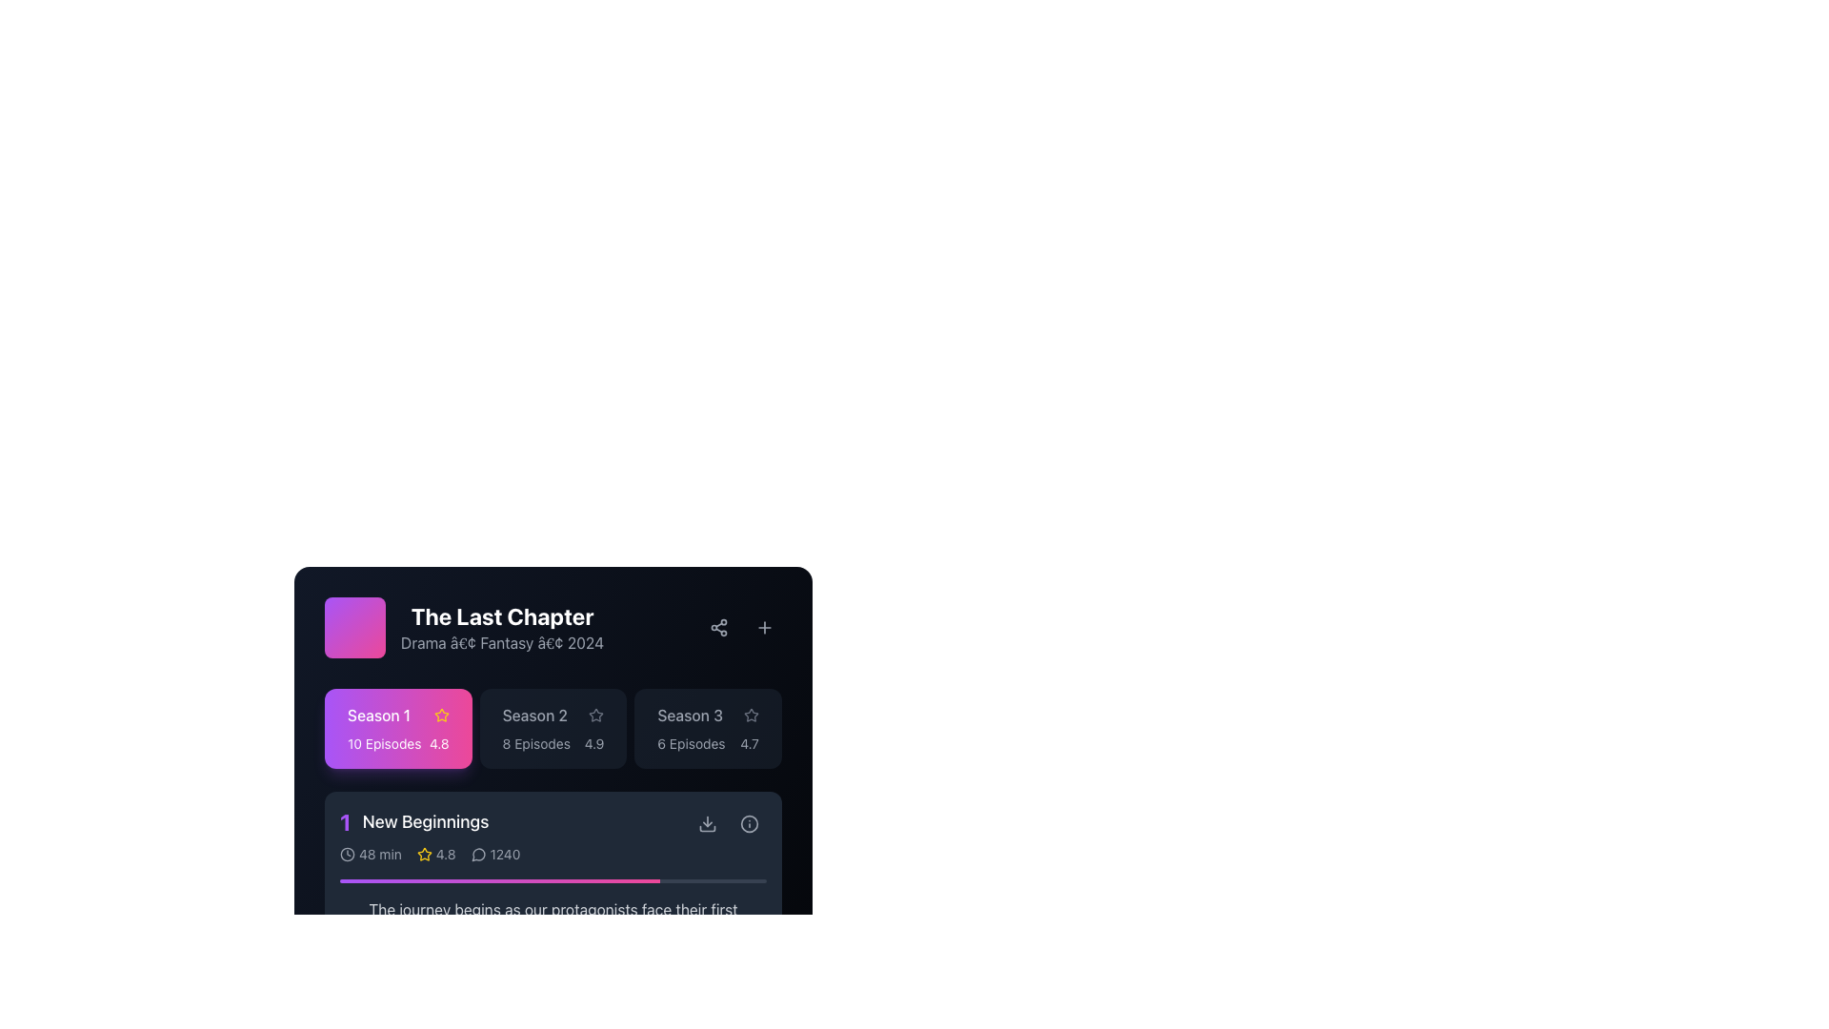 The height and width of the screenshot is (1029, 1829). I want to click on the 'Season 2' text label, so click(533, 716).